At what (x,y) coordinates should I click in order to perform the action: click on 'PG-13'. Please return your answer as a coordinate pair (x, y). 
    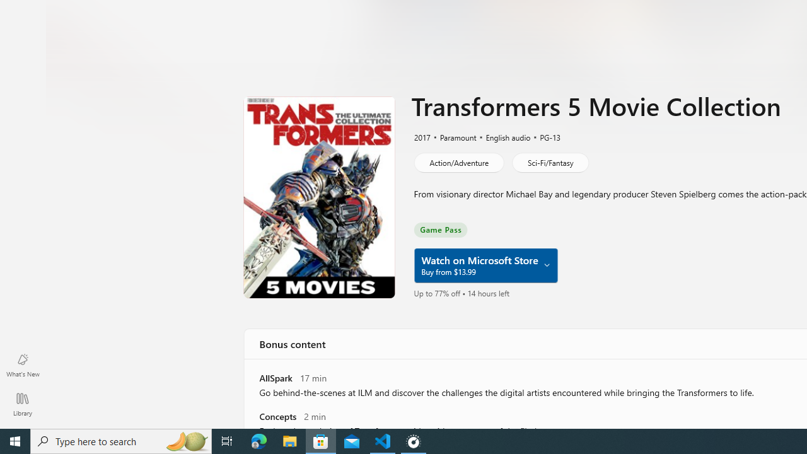
    Looking at the image, I should click on (544, 137).